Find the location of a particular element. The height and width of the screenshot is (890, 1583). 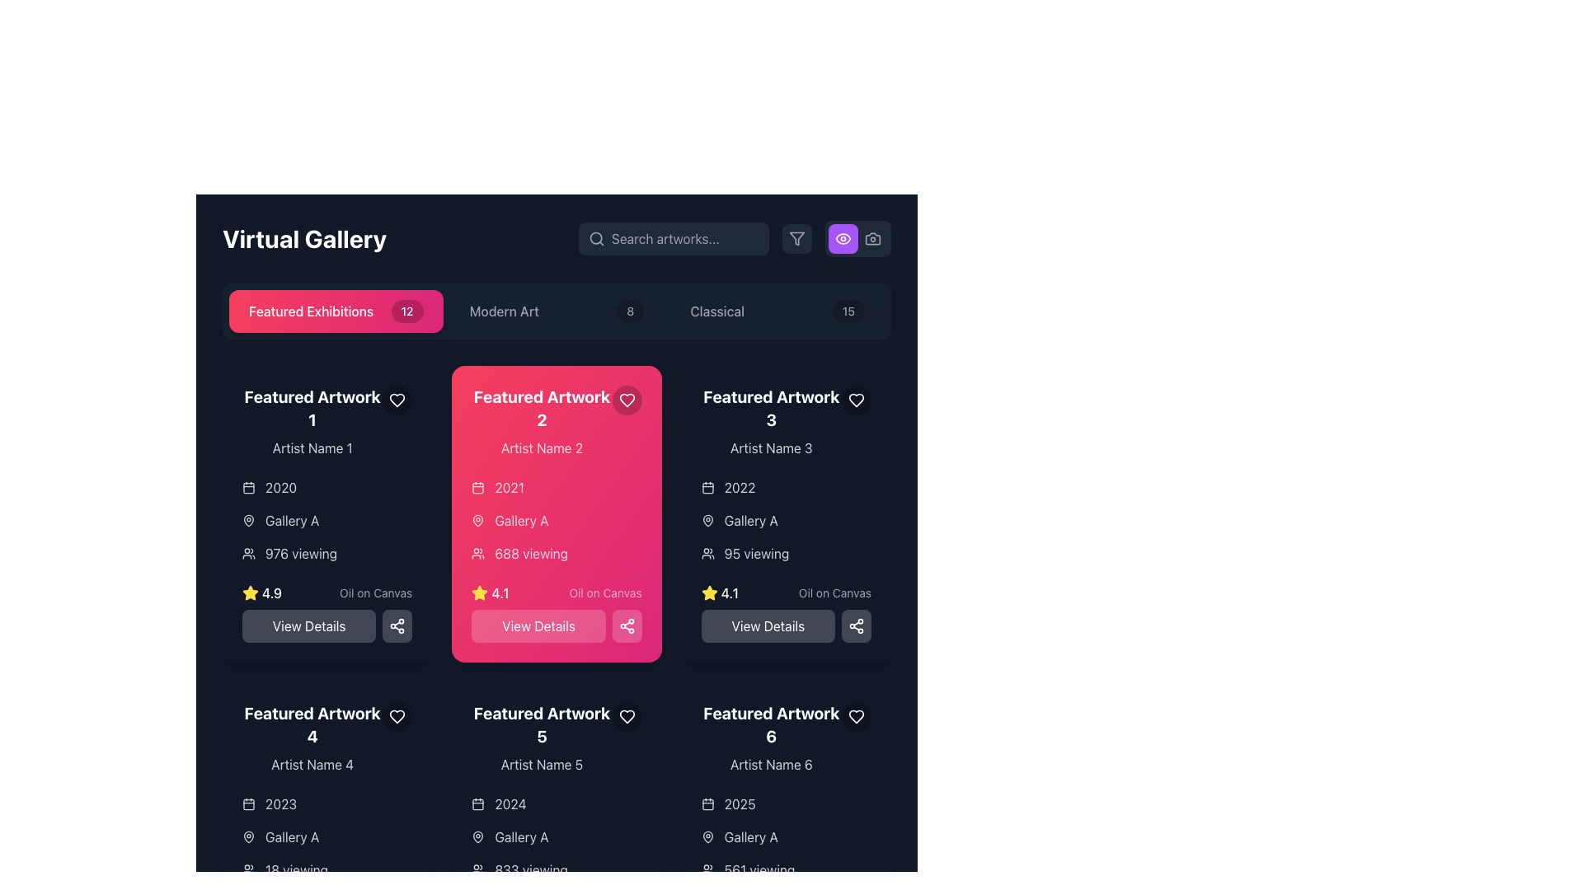

text from the 'Gallery A' text label, which is displayed in white on a dark background and positioned to the right of a map pin icon in the 'Featured Artwork 5' section is located at coordinates (521, 836).